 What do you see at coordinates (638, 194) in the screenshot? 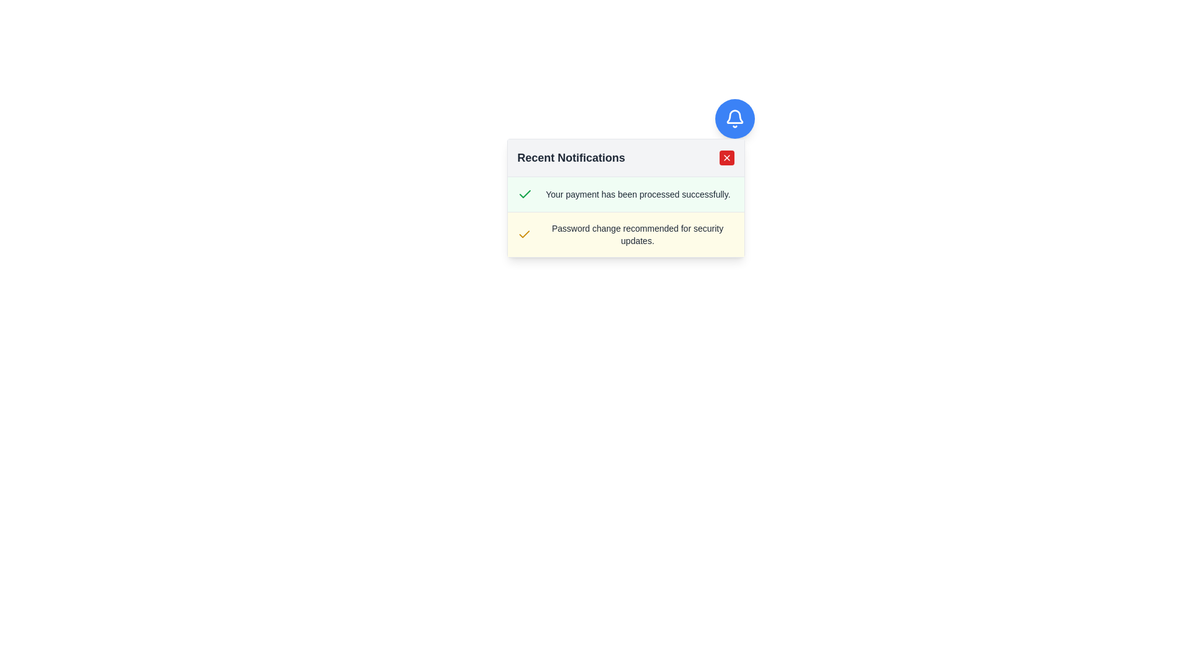
I see `text snippet that states "Your payment has been processed successfully." which is located on the right-hand side of a green notification block` at bounding box center [638, 194].